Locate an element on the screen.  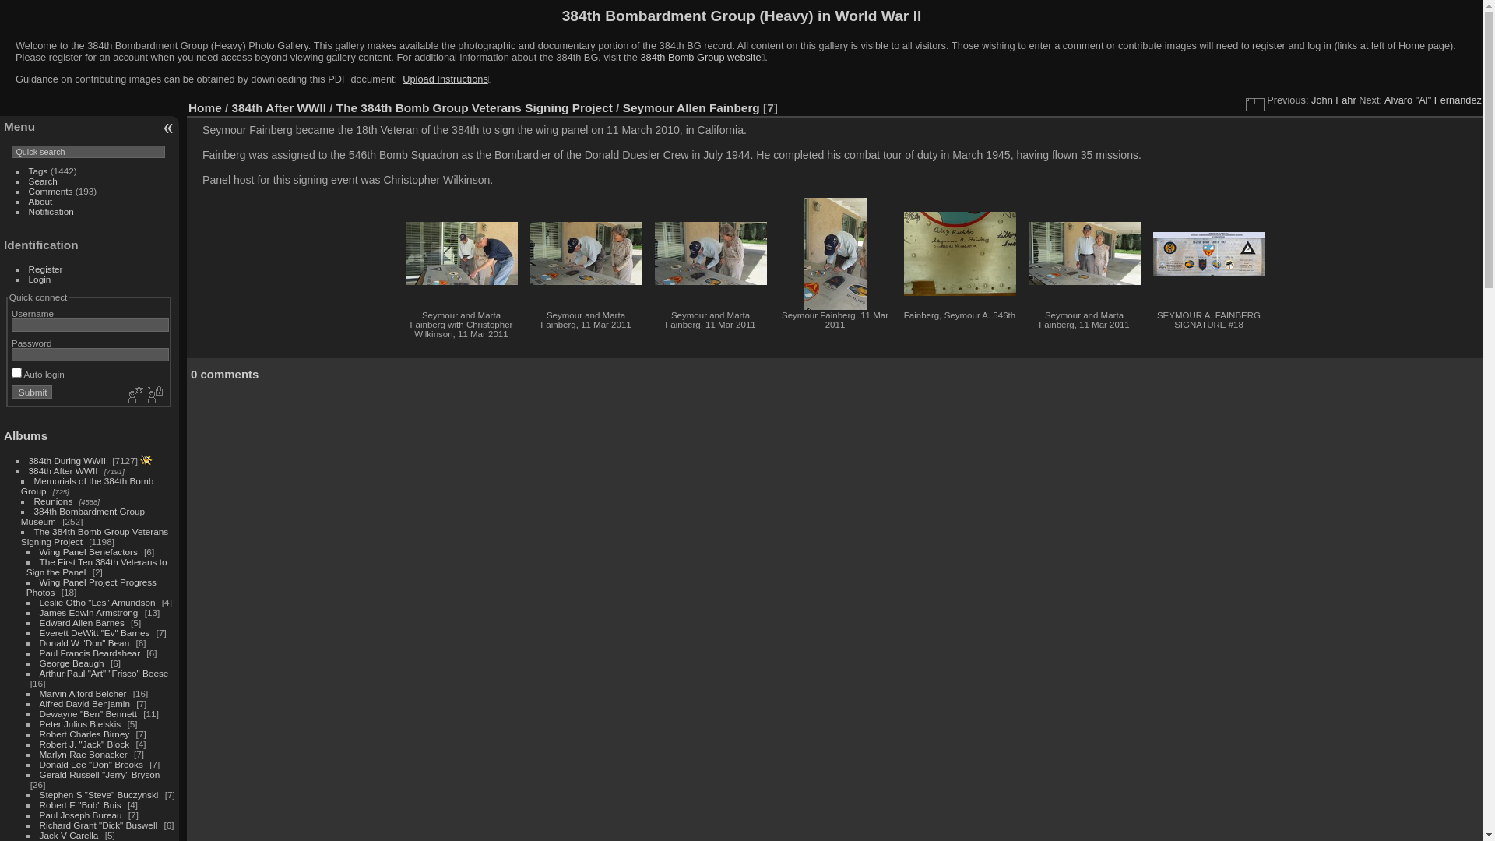
'Marvin Alford Belcher' is located at coordinates (82, 692).